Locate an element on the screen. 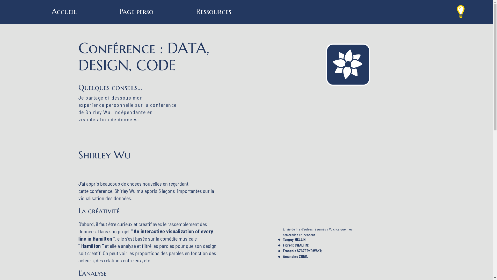  'Tanguy HELLIN;' is located at coordinates (294, 239).